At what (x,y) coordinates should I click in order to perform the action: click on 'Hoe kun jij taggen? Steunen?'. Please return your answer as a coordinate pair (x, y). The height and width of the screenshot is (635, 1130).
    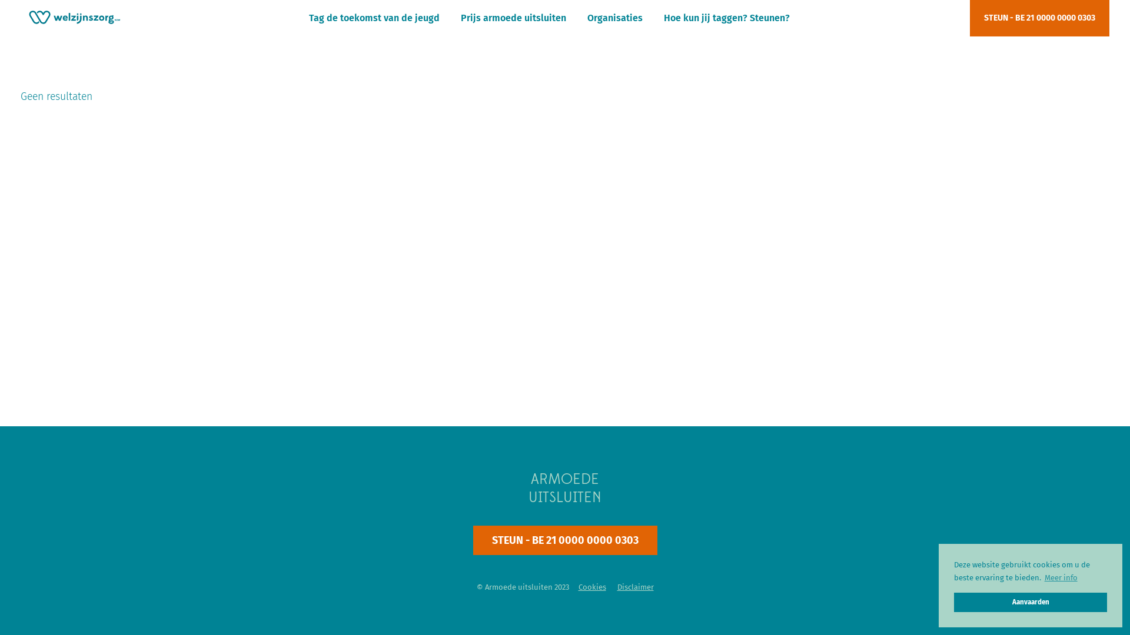
    Looking at the image, I should click on (726, 18).